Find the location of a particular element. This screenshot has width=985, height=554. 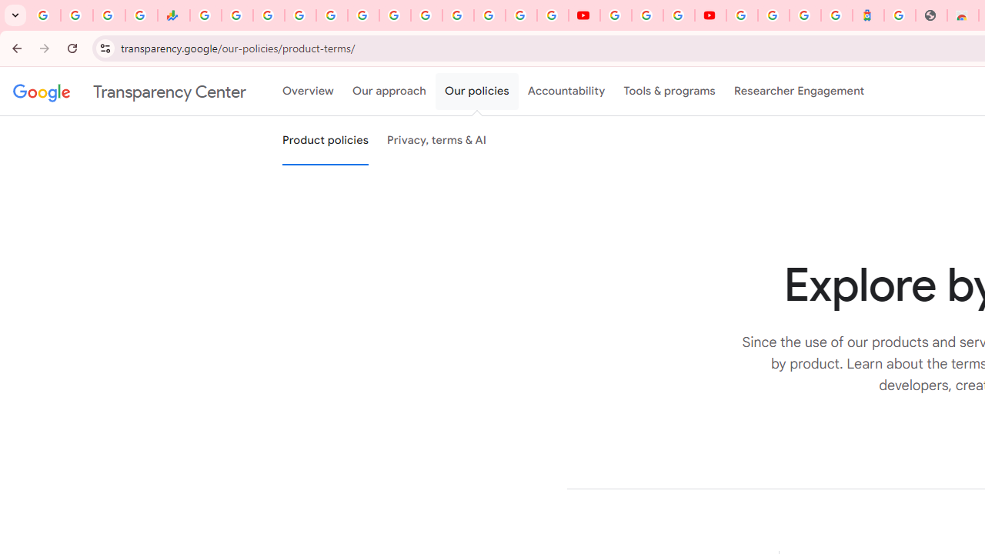

'YouTube' is located at coordinates (583, 15).